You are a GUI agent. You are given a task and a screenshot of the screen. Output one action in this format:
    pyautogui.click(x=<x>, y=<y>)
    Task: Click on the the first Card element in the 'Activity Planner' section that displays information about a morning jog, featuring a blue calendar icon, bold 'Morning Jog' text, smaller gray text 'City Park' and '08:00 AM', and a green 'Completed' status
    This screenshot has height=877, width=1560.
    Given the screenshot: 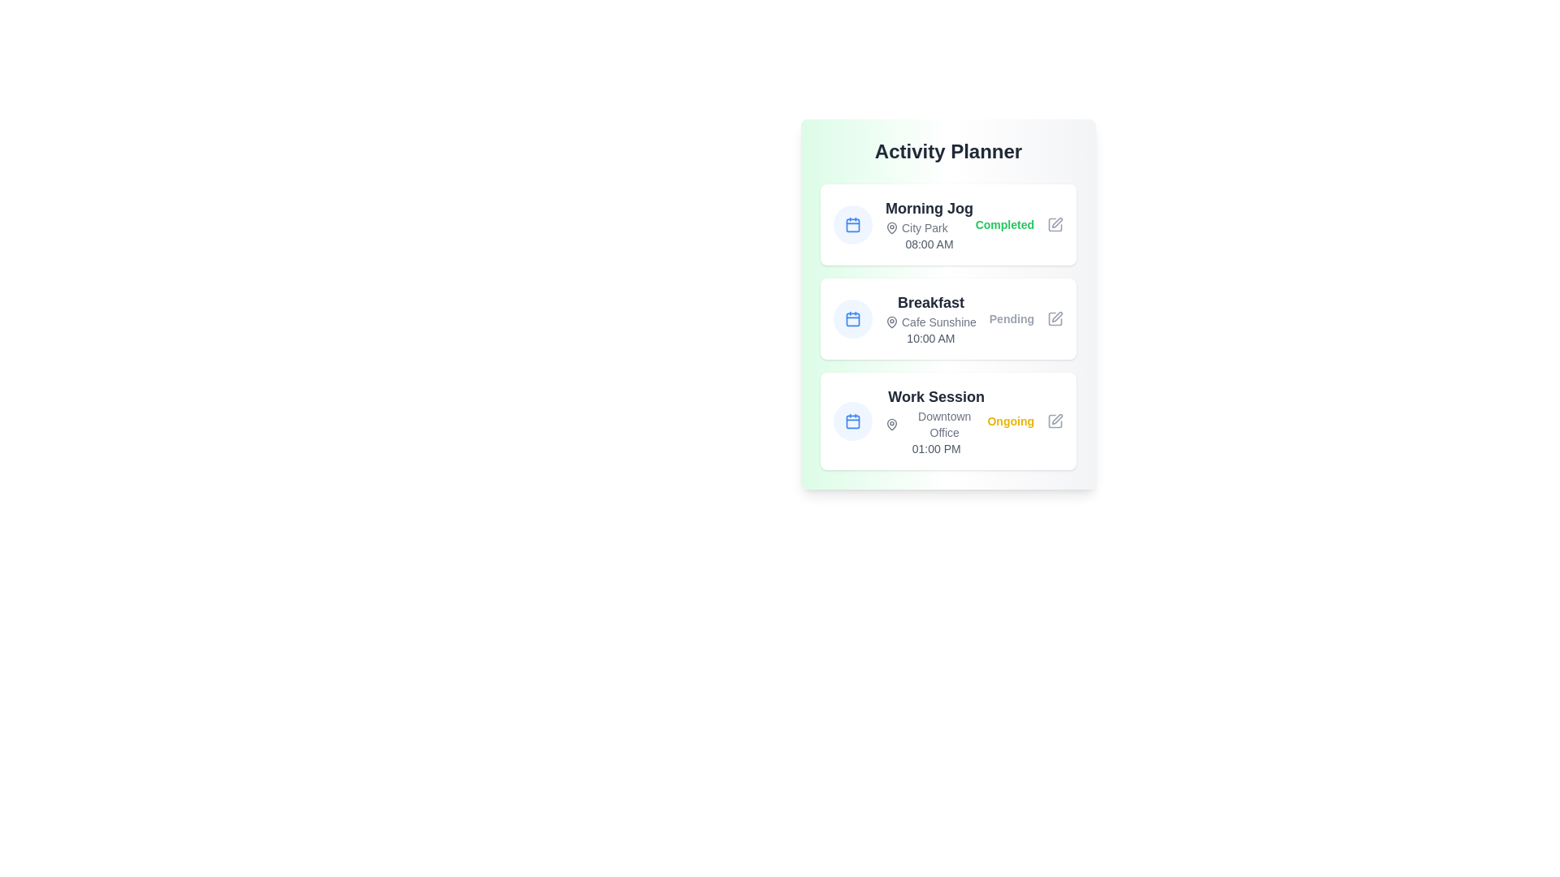 What is the action you would take?
    pyautogui.click(x=948, y=225)
    